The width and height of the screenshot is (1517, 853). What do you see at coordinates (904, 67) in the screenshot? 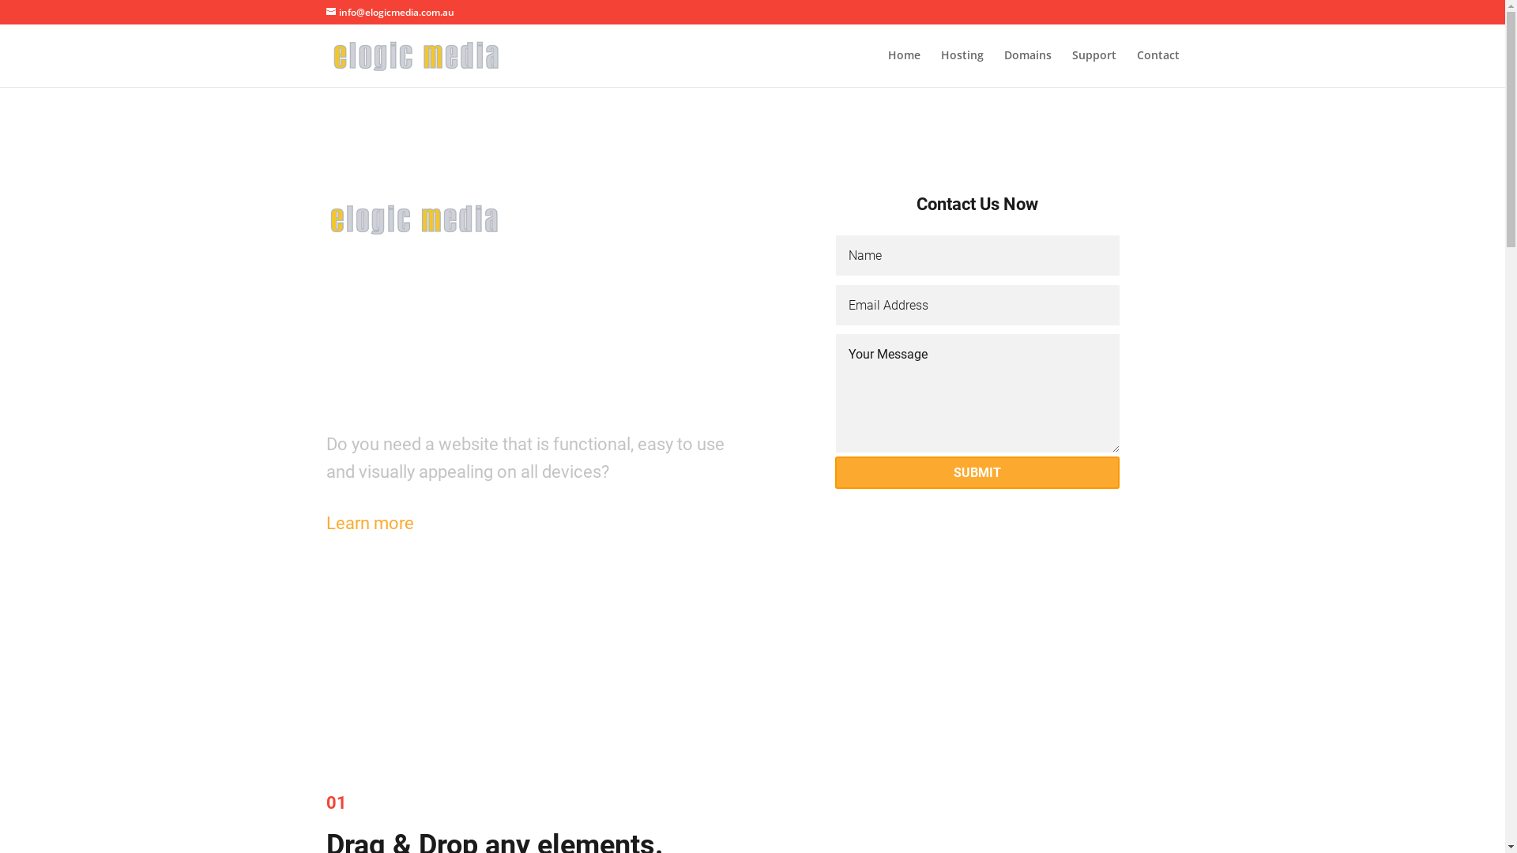
I see `'Home'` at bounding box center [904, 67].